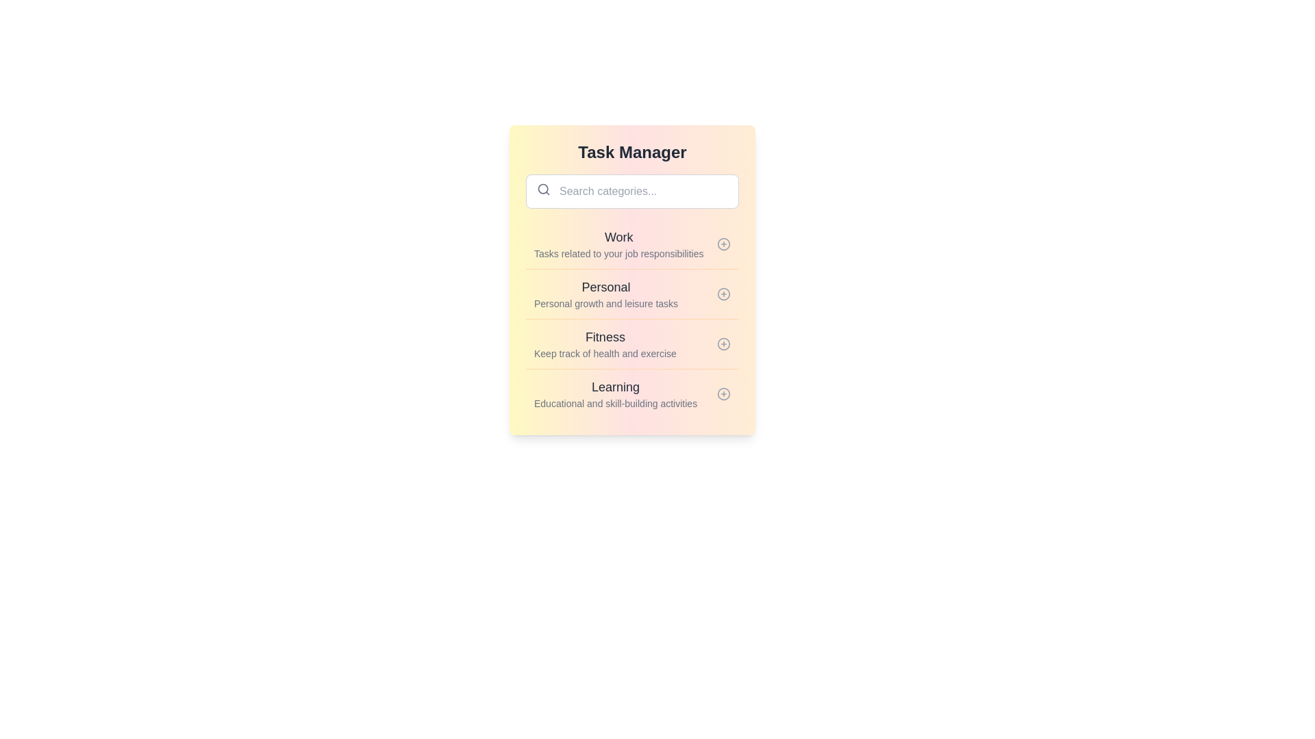 The image size is (1315, 739). What do you see at coordinates (723, 393) in the screenshot?
I see `the small circular icon with a center cross and outer border, styled in gray tones, located near the 'Learning' section` at bounding box center [723, 393].